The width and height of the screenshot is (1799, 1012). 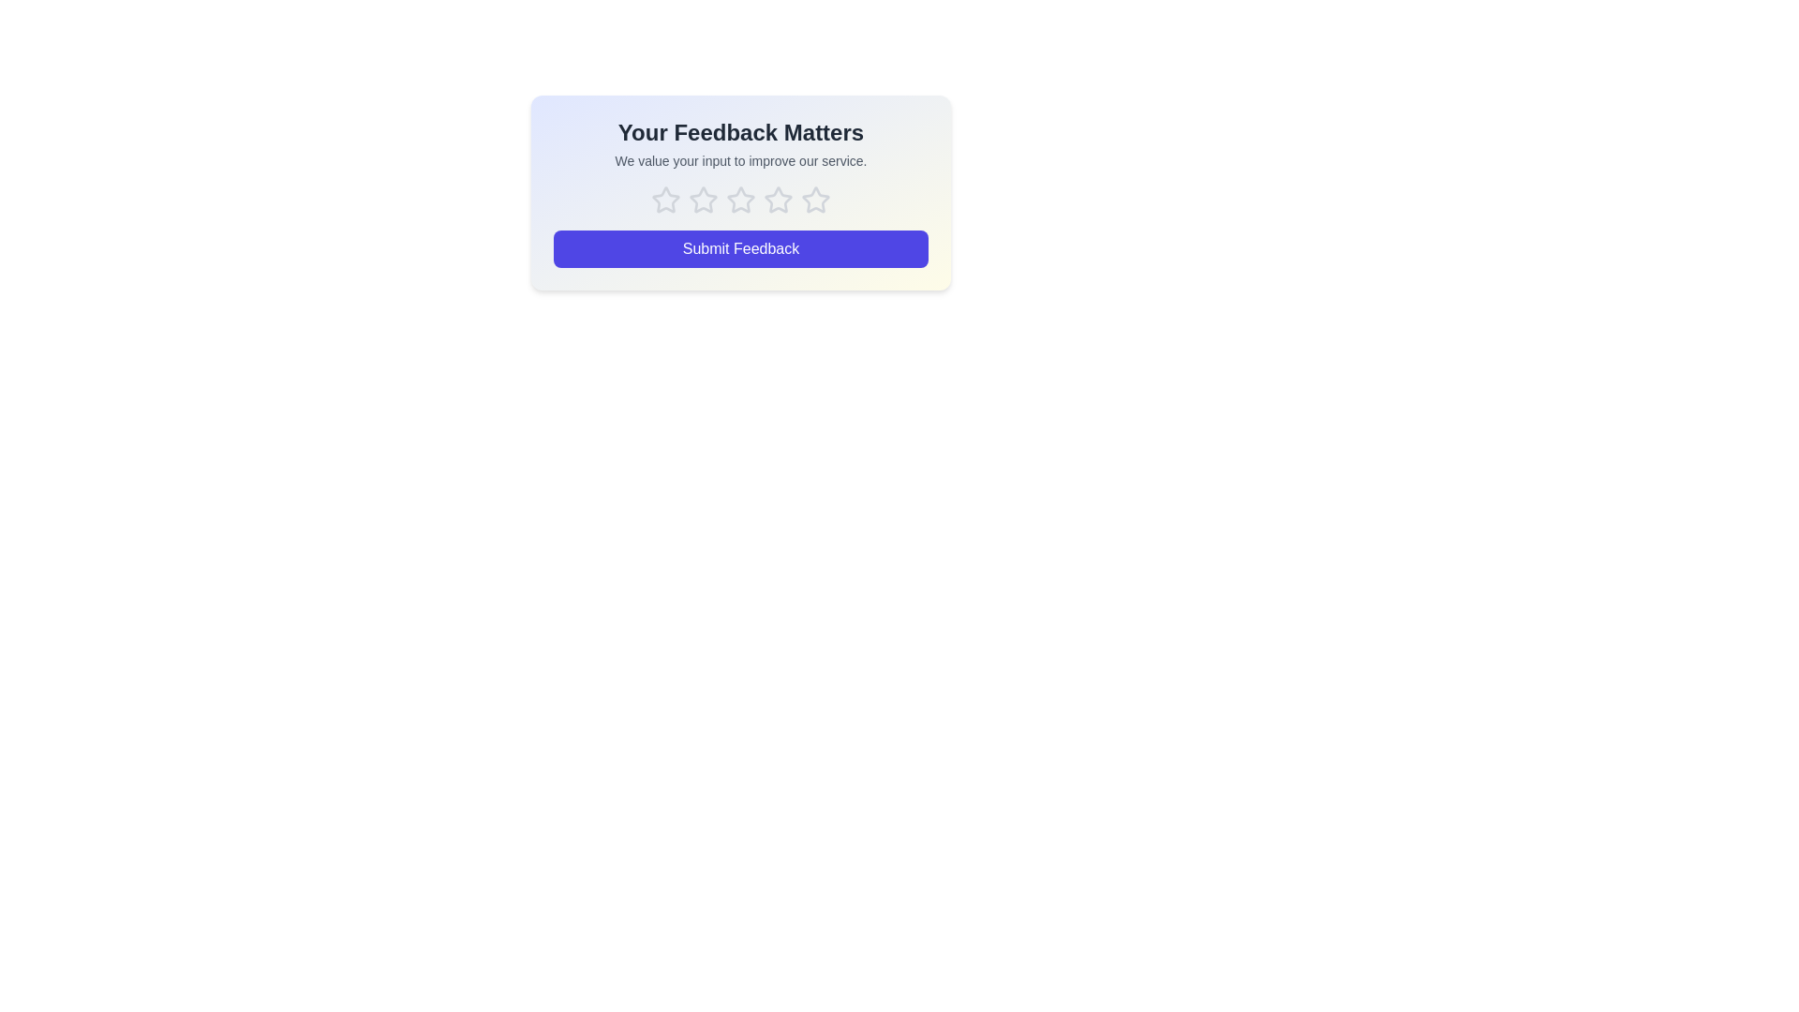 I want to click on the third star-shaped icon in the rating system, so click(x=740, y=200).